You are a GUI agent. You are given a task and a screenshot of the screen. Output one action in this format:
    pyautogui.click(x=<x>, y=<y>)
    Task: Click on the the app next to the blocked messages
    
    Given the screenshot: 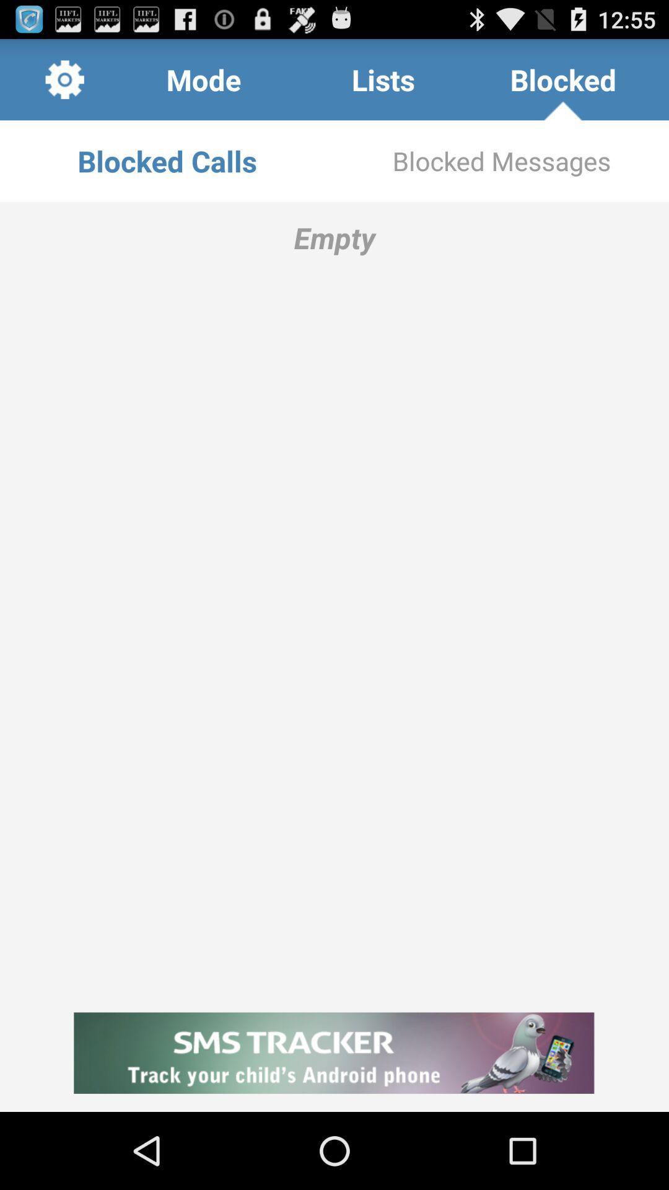 What is the action you would take?
    pyautogui.click(x=167, y=160)
    